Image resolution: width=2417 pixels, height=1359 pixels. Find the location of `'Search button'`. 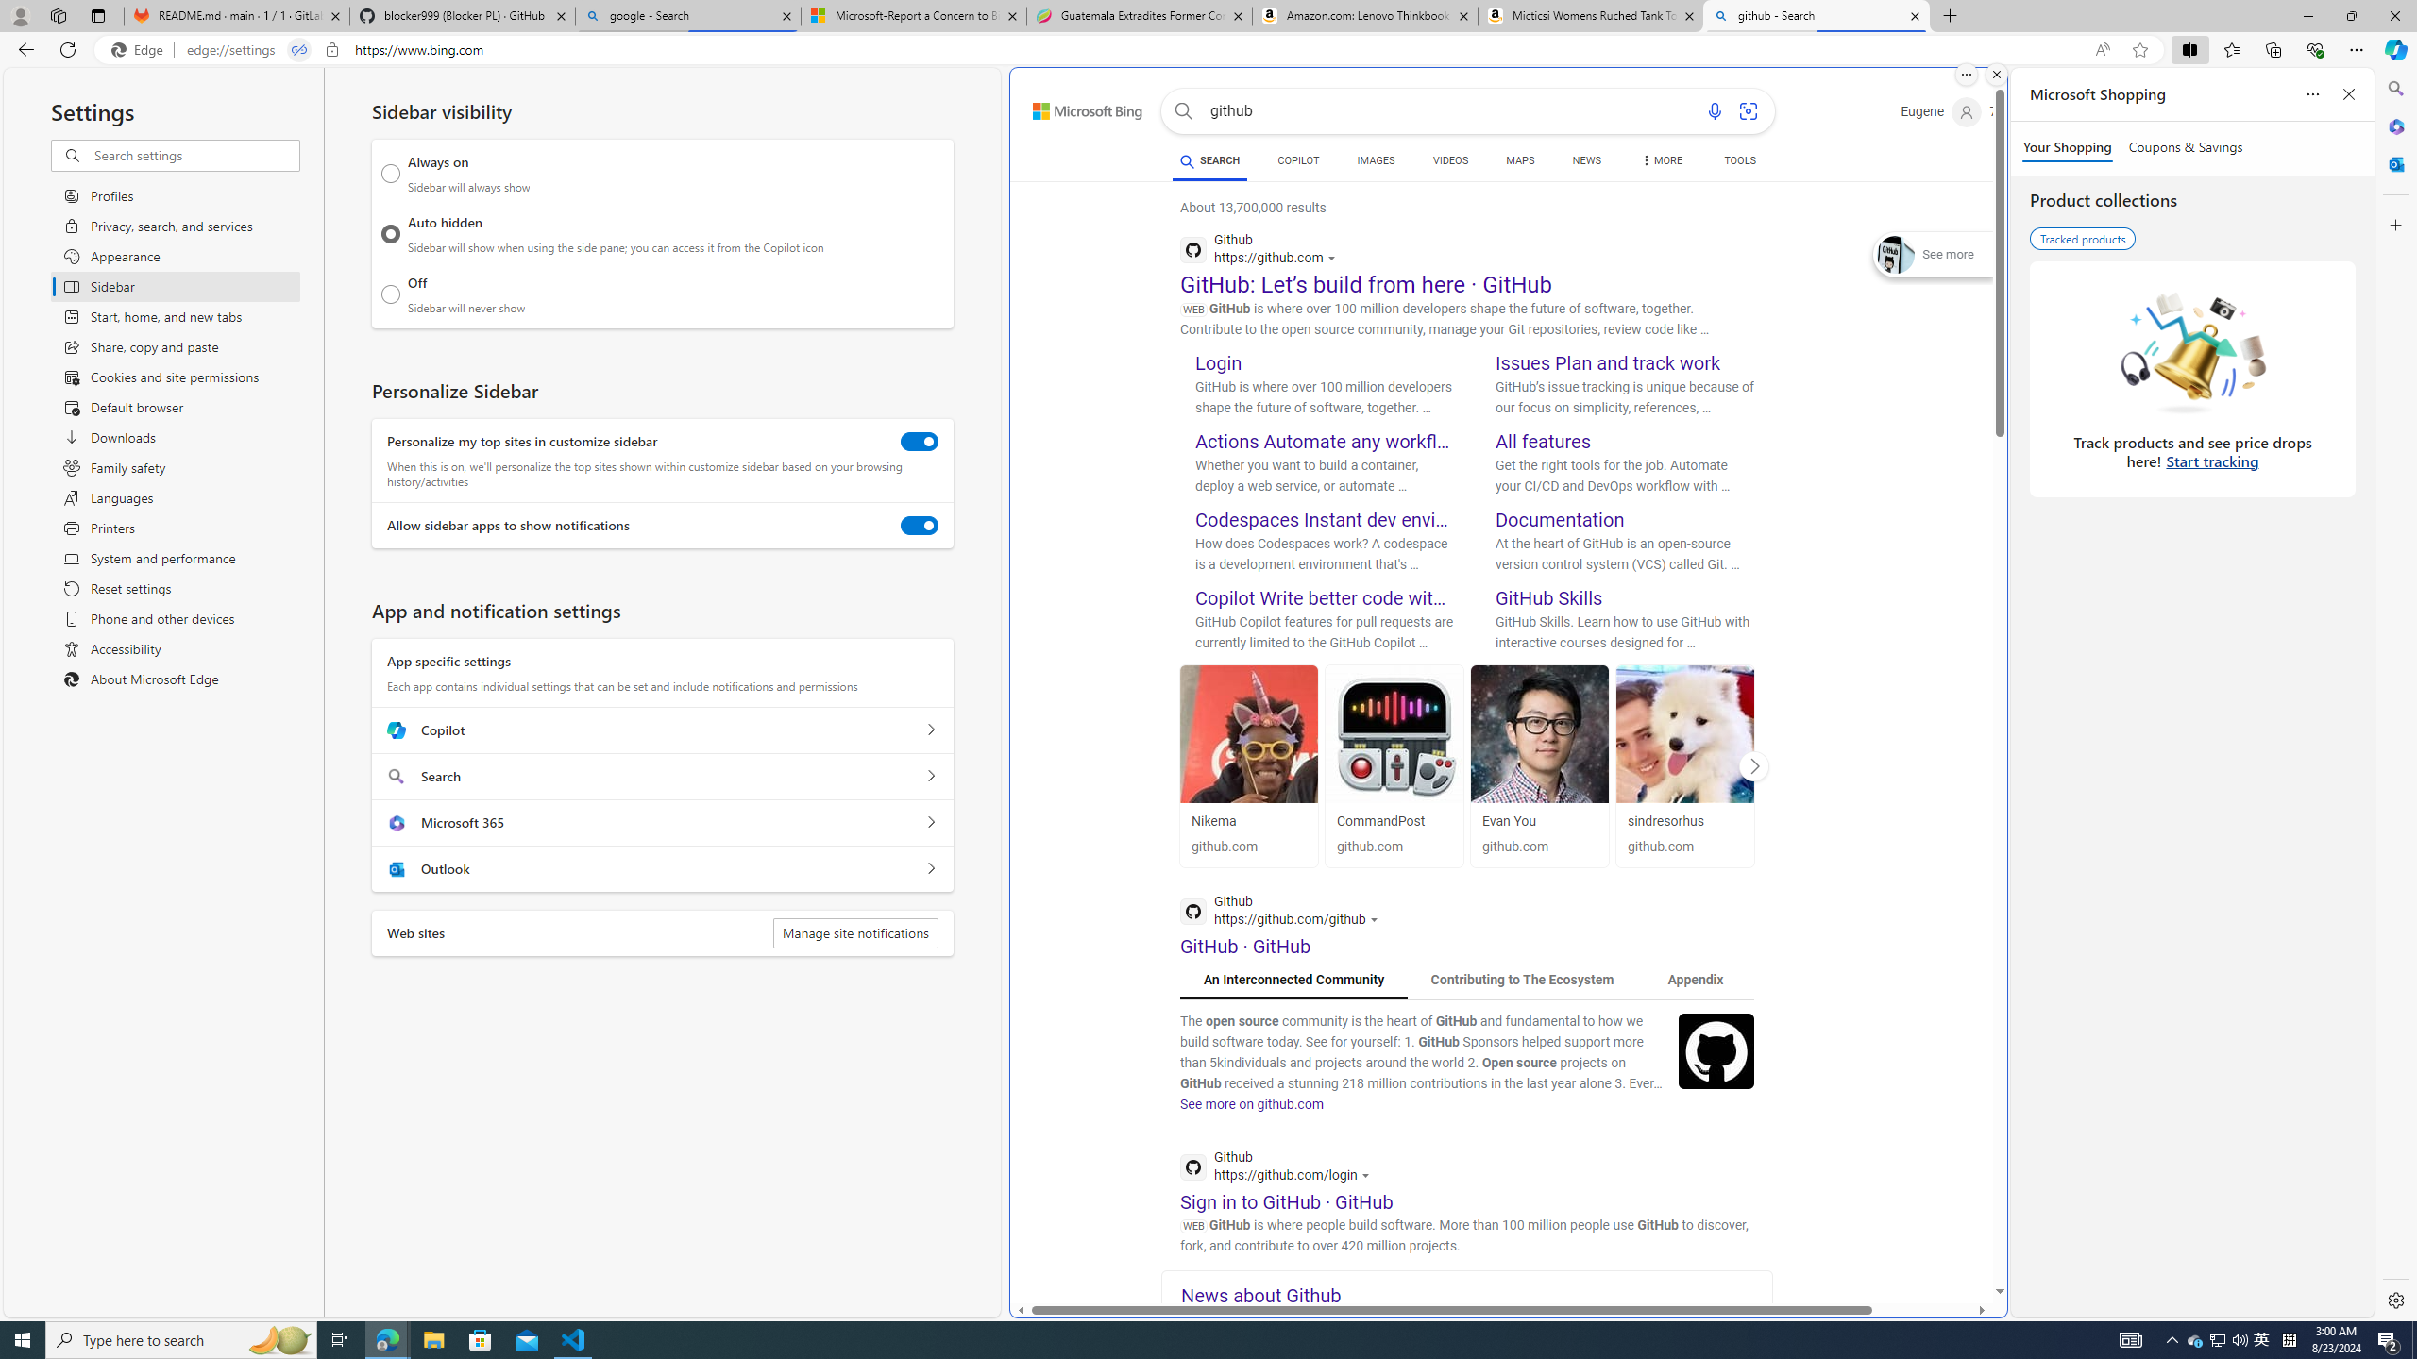

'Search button' is located at coordinates (1183, 111).